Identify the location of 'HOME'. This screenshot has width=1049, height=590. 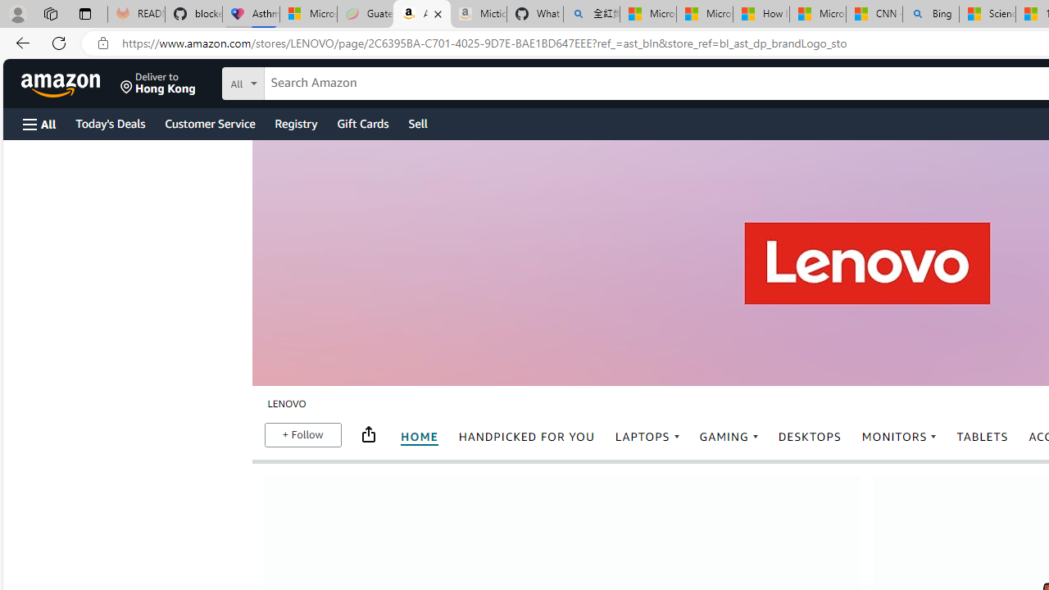
(418, 437).